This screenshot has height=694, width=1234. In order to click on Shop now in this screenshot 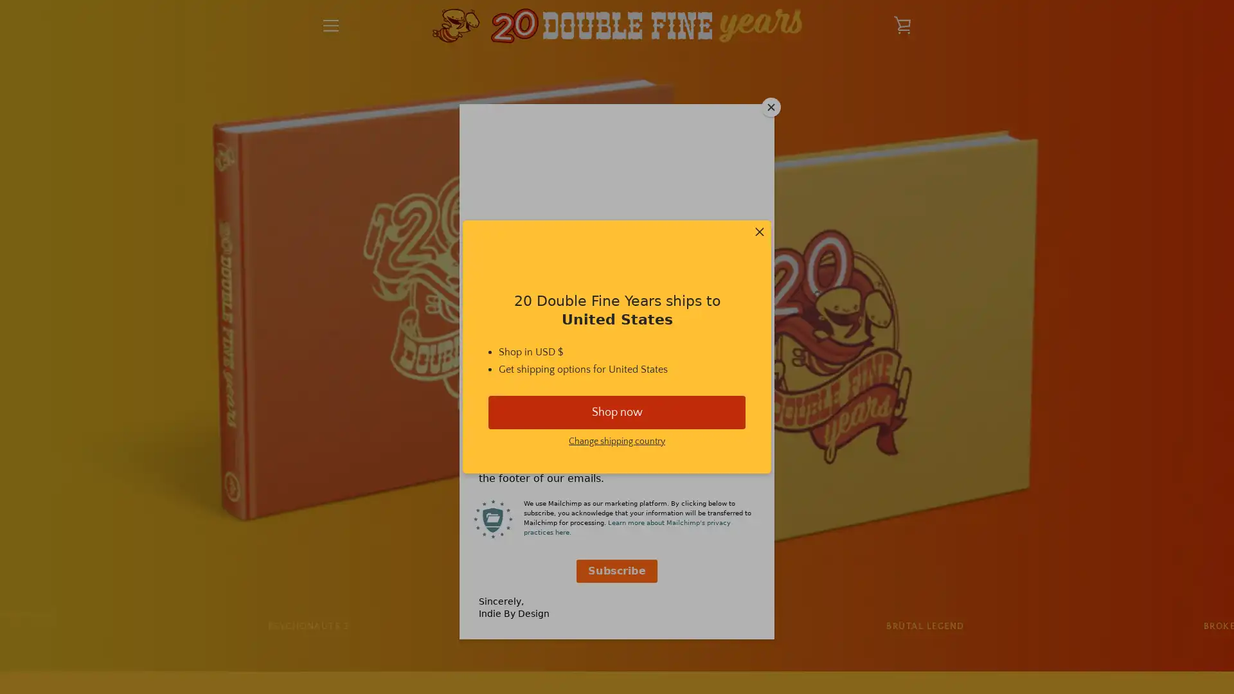, I will do `click(617, 411)`.